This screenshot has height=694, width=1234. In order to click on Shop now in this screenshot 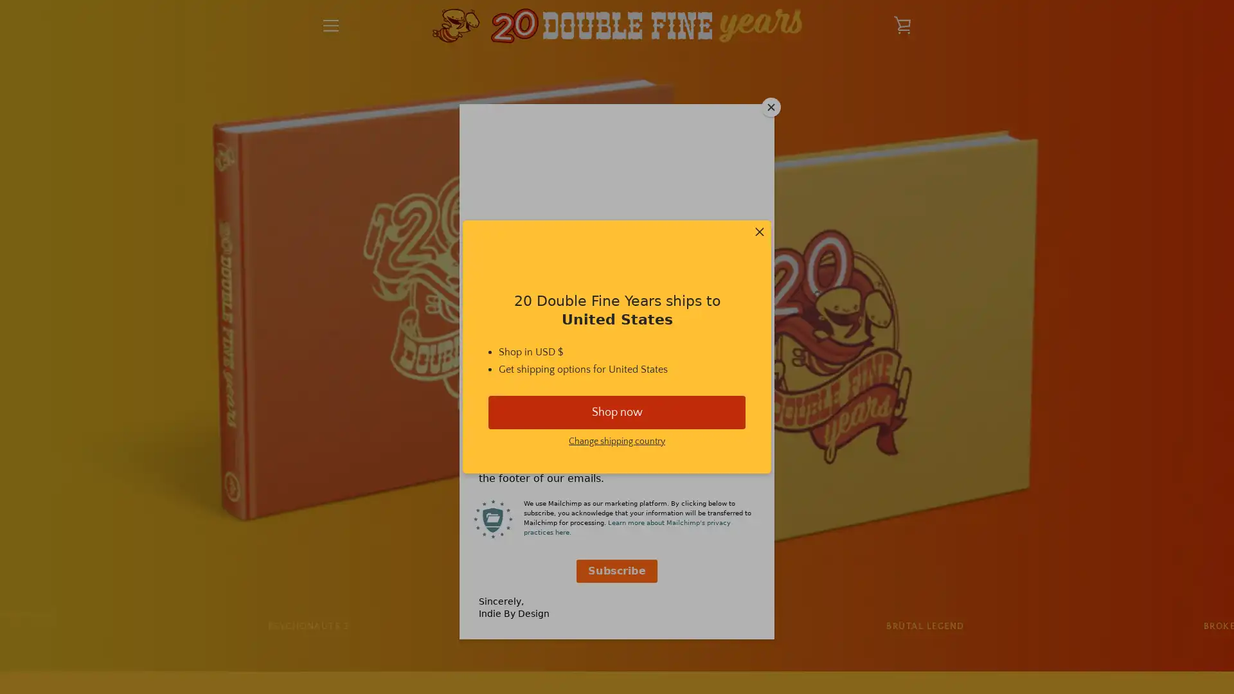, I will do `click(617, 411)`.